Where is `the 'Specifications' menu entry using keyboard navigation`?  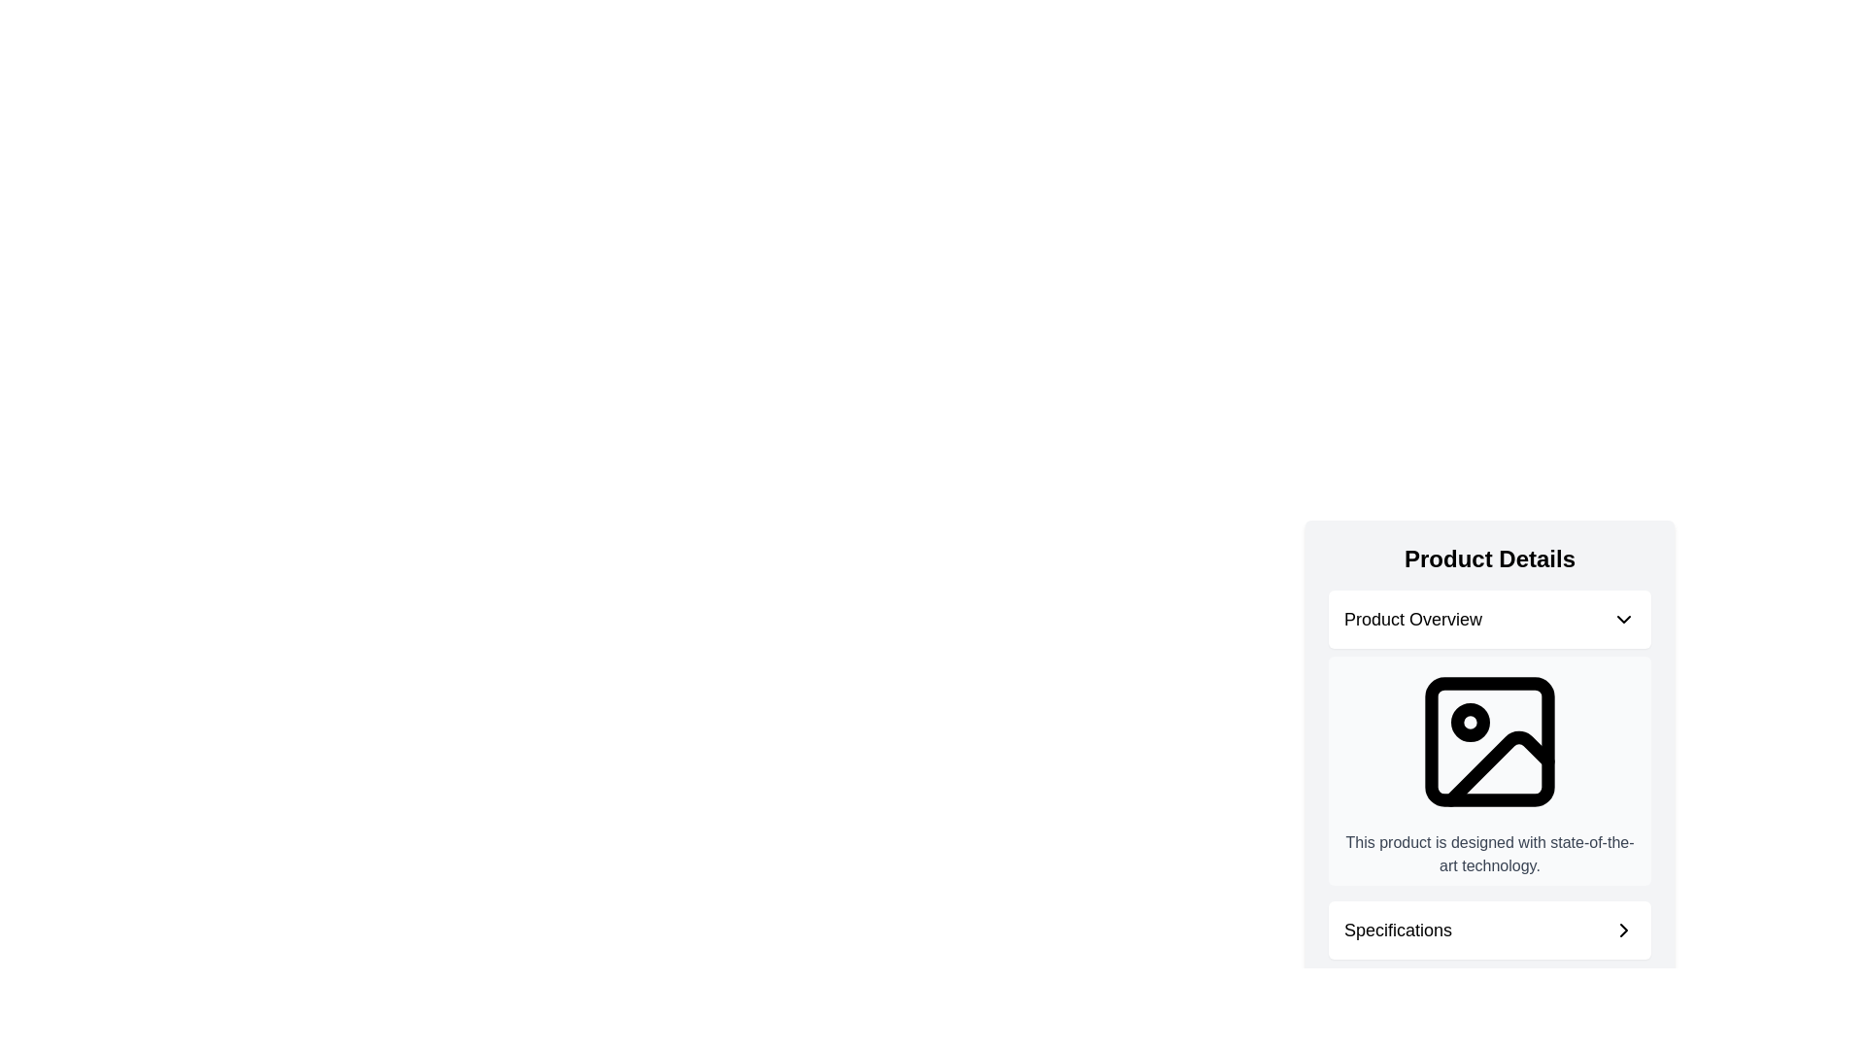
the 'Specifications' menu entry using keyboard navigation is located at coordinates (1489, 929).